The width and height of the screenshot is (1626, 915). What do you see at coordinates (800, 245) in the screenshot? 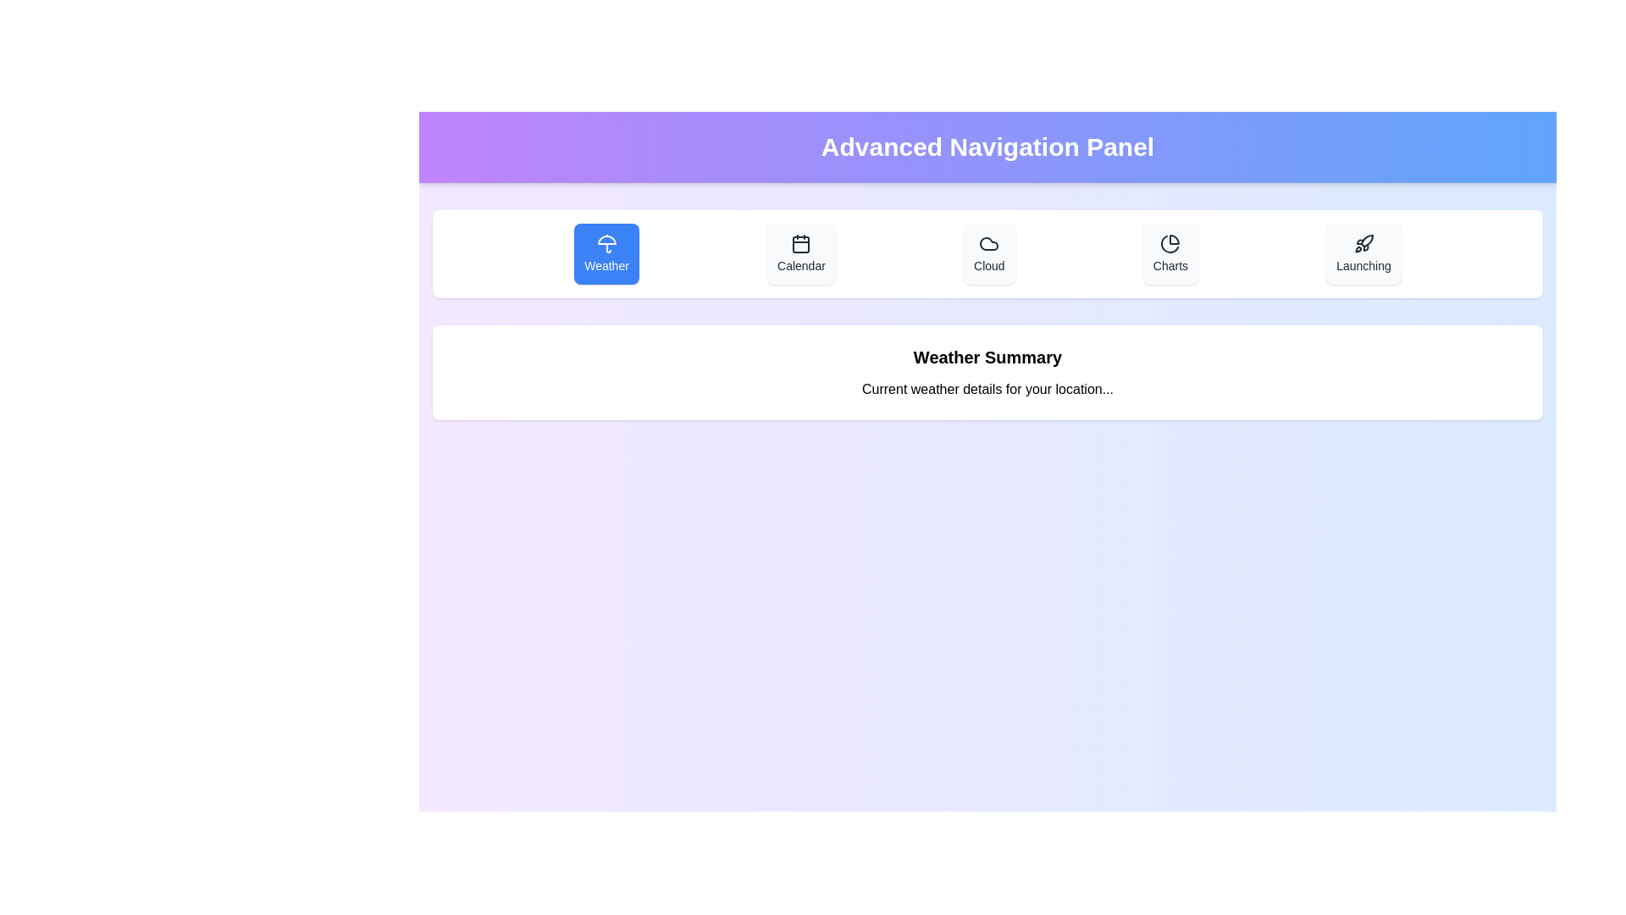
I see `the calendar icon in the navigation section` at bounding box center [800, 245].